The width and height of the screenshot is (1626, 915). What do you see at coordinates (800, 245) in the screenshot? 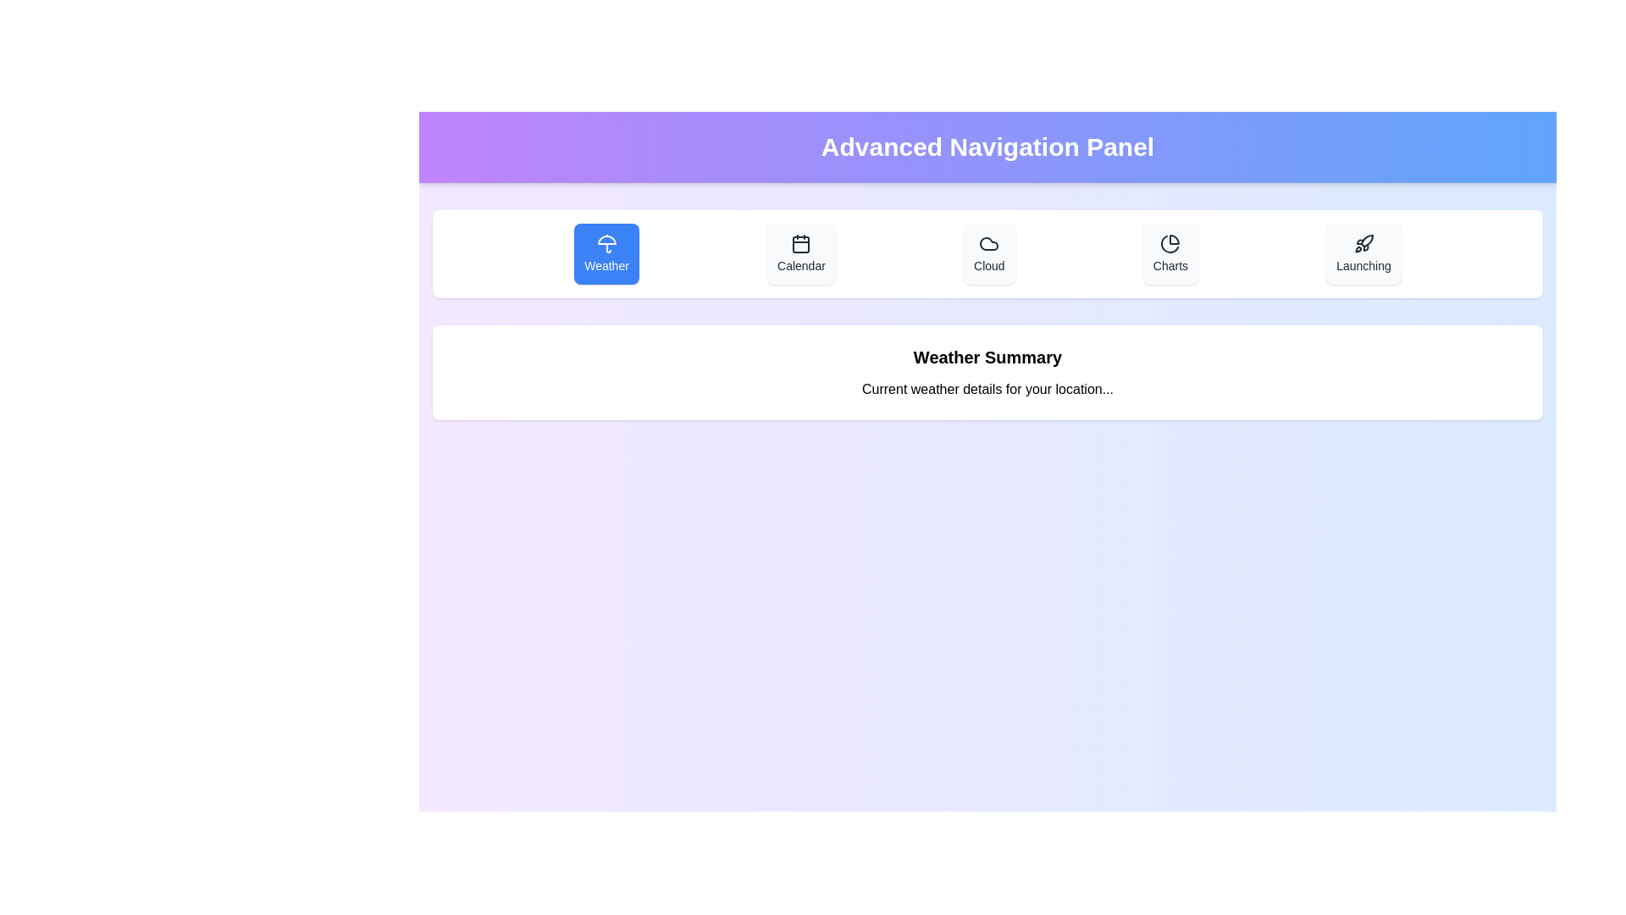
I see `the calendar icon in the navigation section` at bounding box center [800, 245].